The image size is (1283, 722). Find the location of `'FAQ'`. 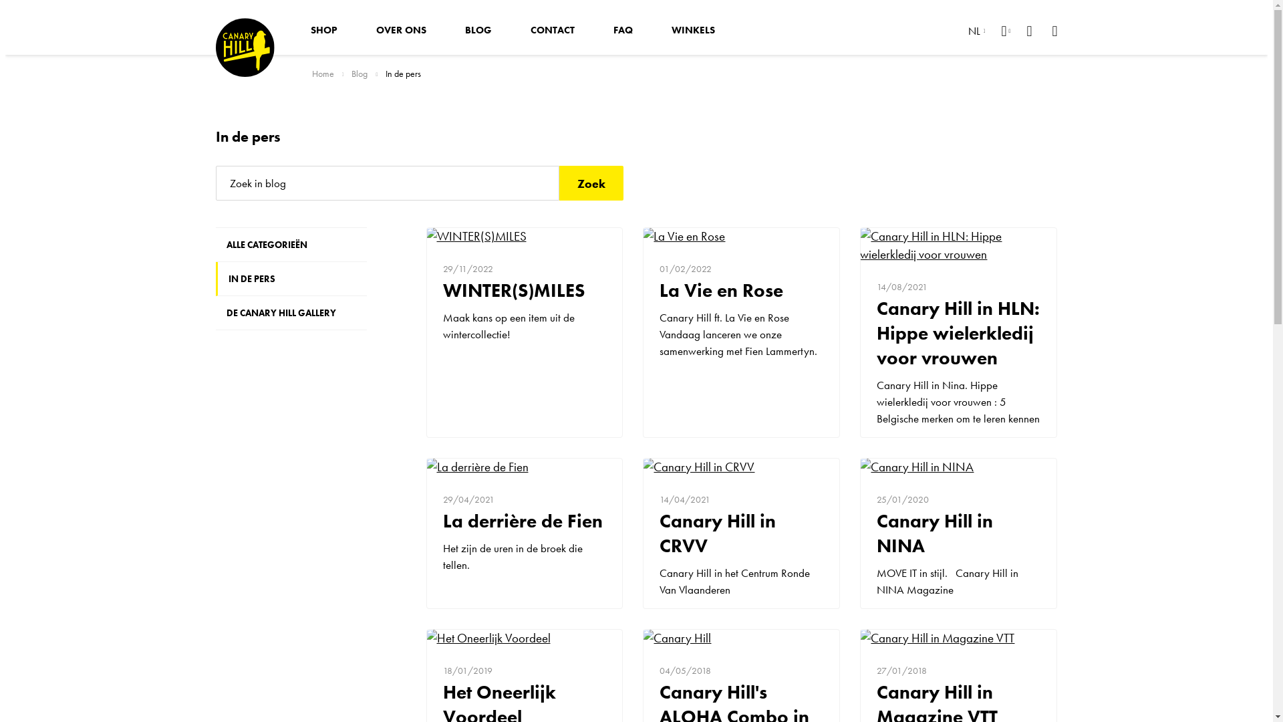

'FAQ' is located at coordinates (621, 30).